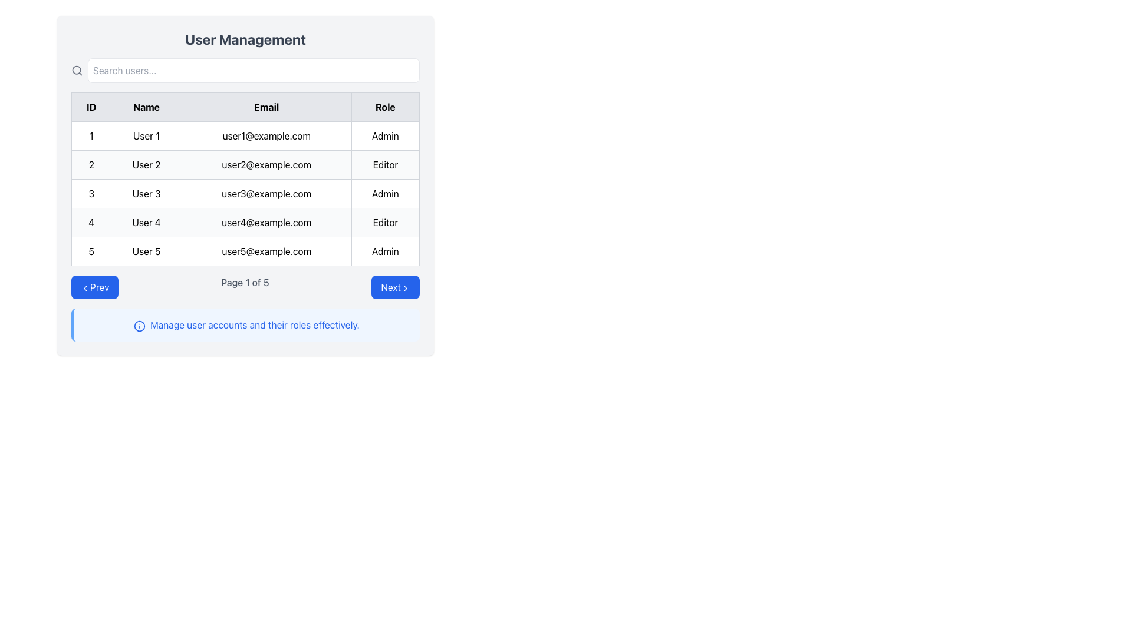 The width and height of the screenshot is (1132, 636). Describe the element at coordinates (266, 135) in the screenshot. I see `the non-interactive text display area showing the email address of 'User 1' in the table, located in the first row under the 'Email' column` at that location.